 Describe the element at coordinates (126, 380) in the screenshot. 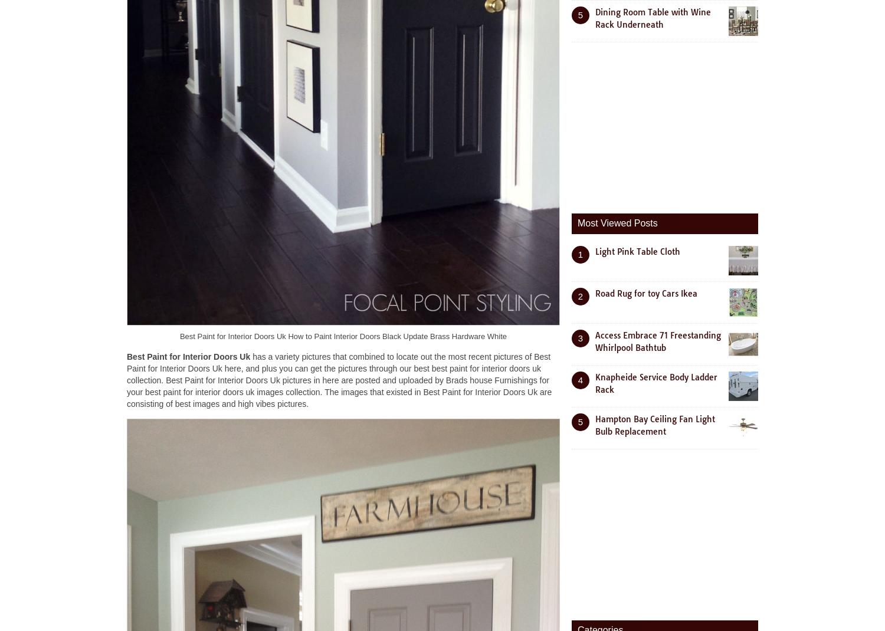

I see `'has a variety pictures that combined to locate out the most recent pictures of Best Paint for Interior Doors Uk here, and plus you can get the pictures through our best best paint for interior doors uk collection. Best Paint for Interior Doors Uk pictures in here are posted and uploaded by Brads house Furnishings for your best paint for interior doors uk images collection. The images that existed in Best Paint for Interior Doors Uk are consisting of best images and high vibes pictures.'` at that location.